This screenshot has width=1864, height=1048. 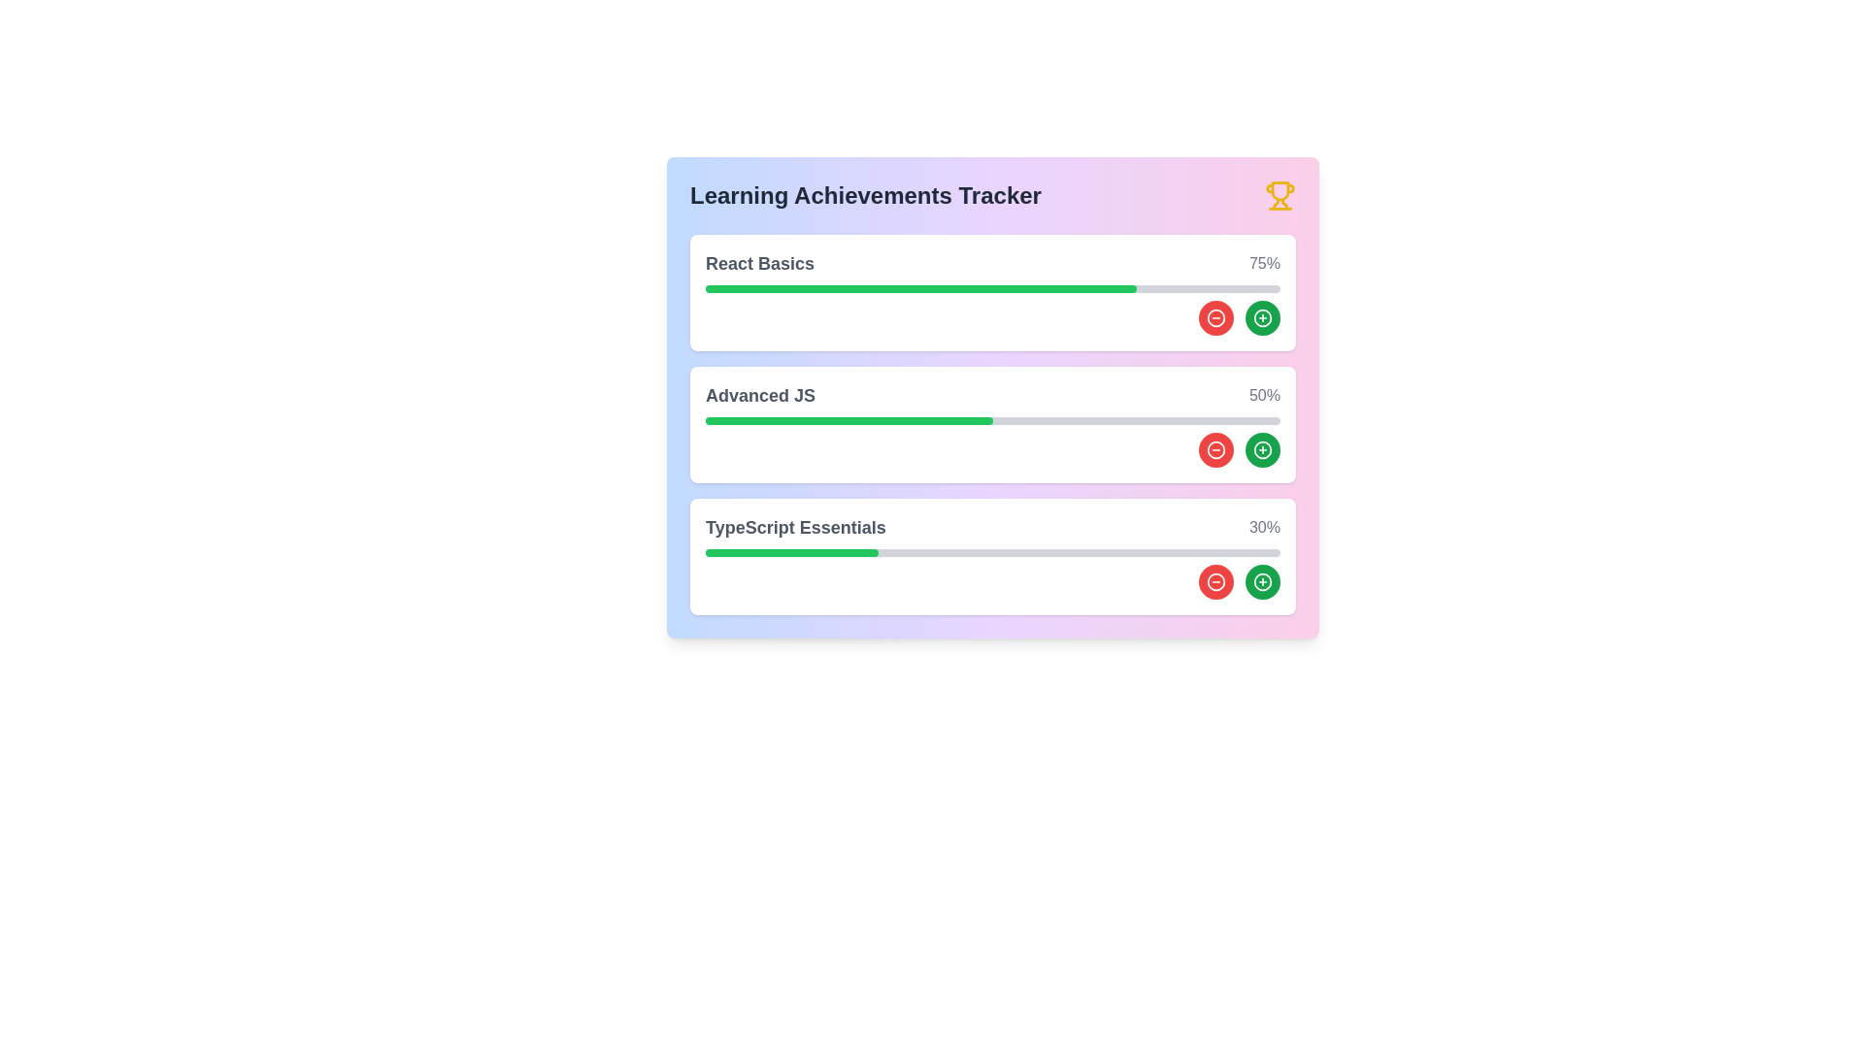 I want to click on the progress bar indicating 75% completion located beneath the text 'React Basics', so click(x=992, y=288).